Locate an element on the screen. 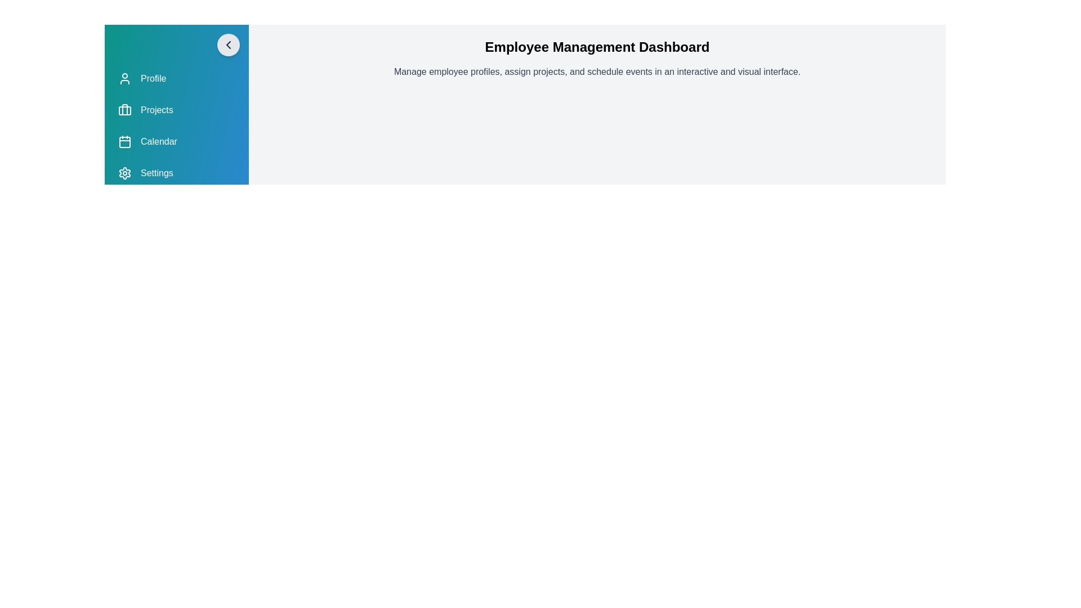 The image size is (1081, 608). the Profile icon in the navigation drawer is located at coordinates (124, 78).